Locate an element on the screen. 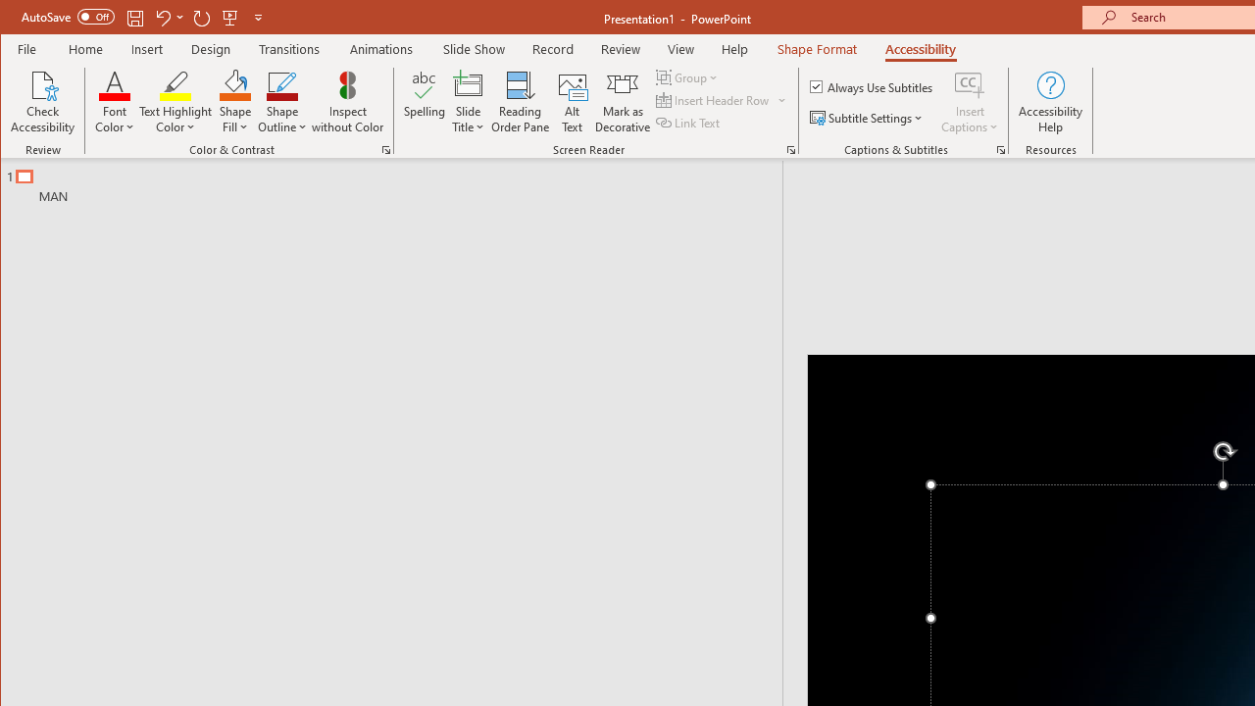 This screenshot has height=706, width=1255. 'Captions & Subtitles' is located at coordinates (1000, 149).